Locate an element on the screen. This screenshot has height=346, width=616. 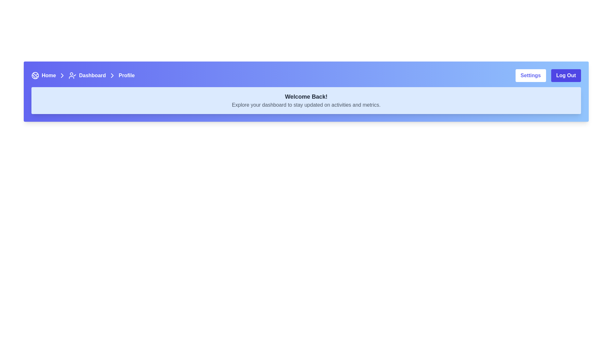
the right-pointing triangular arrow icon located in the top navigation bar, between 'Dashboard' and 'Profile' is located at coordinates (112, 75).